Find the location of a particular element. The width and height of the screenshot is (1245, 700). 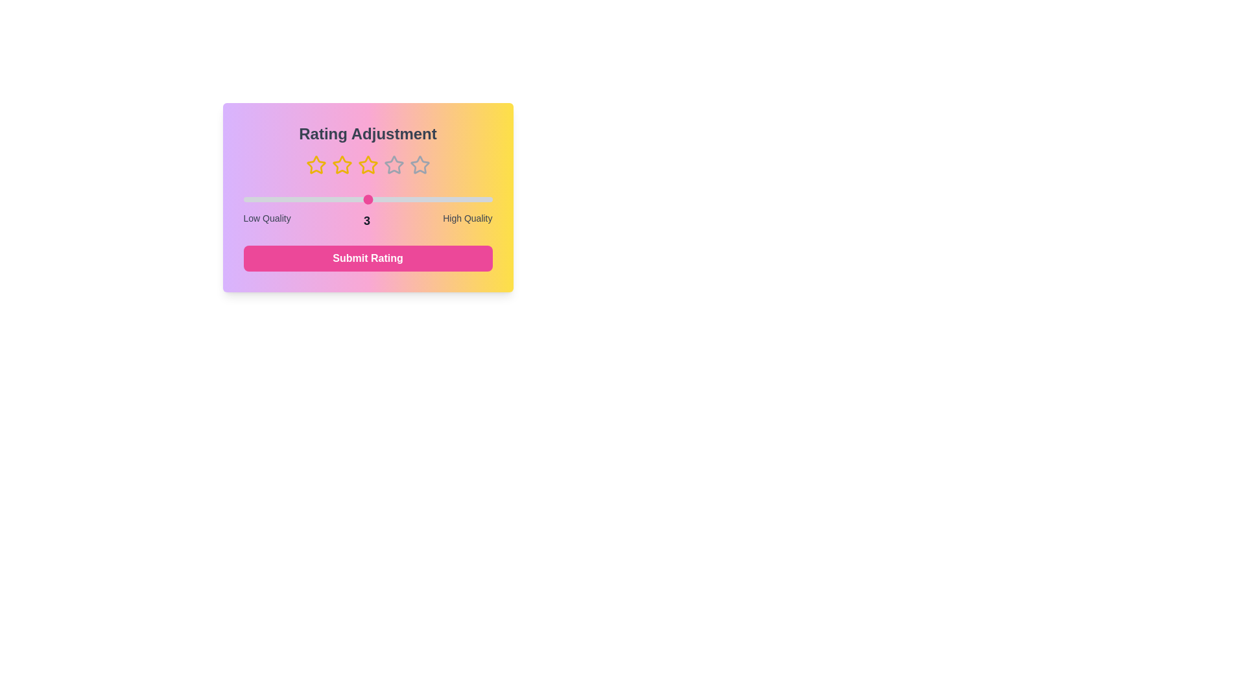

the slider to set the rating to 4 is located at coordinates (430, 200).